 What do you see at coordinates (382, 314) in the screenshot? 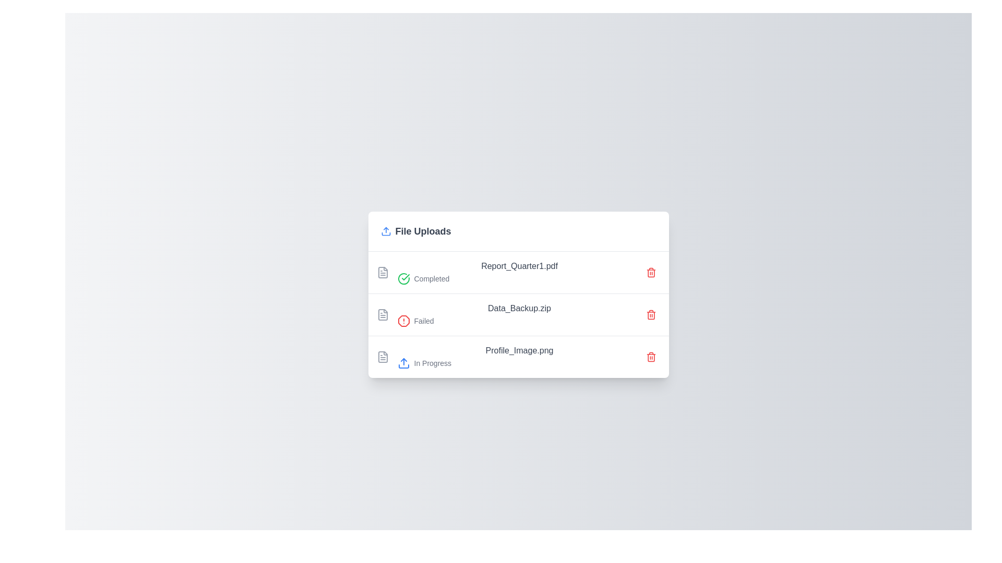
I see `the document icon for 'Data_Backup.zip', which is a simple gray vector graphic with a bent corner, located in the second row of the file list interface` at bounding box center [382, 314].